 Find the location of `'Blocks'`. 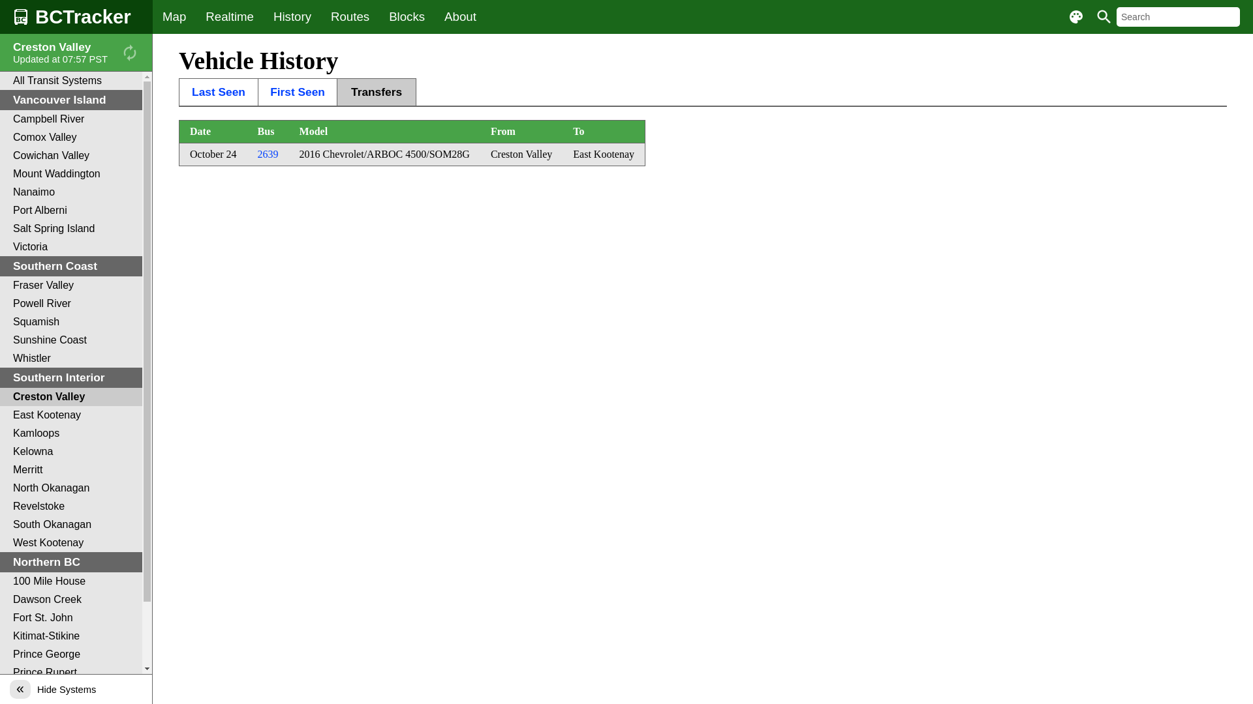

'Blocks' is located at coordinates (406, 17).